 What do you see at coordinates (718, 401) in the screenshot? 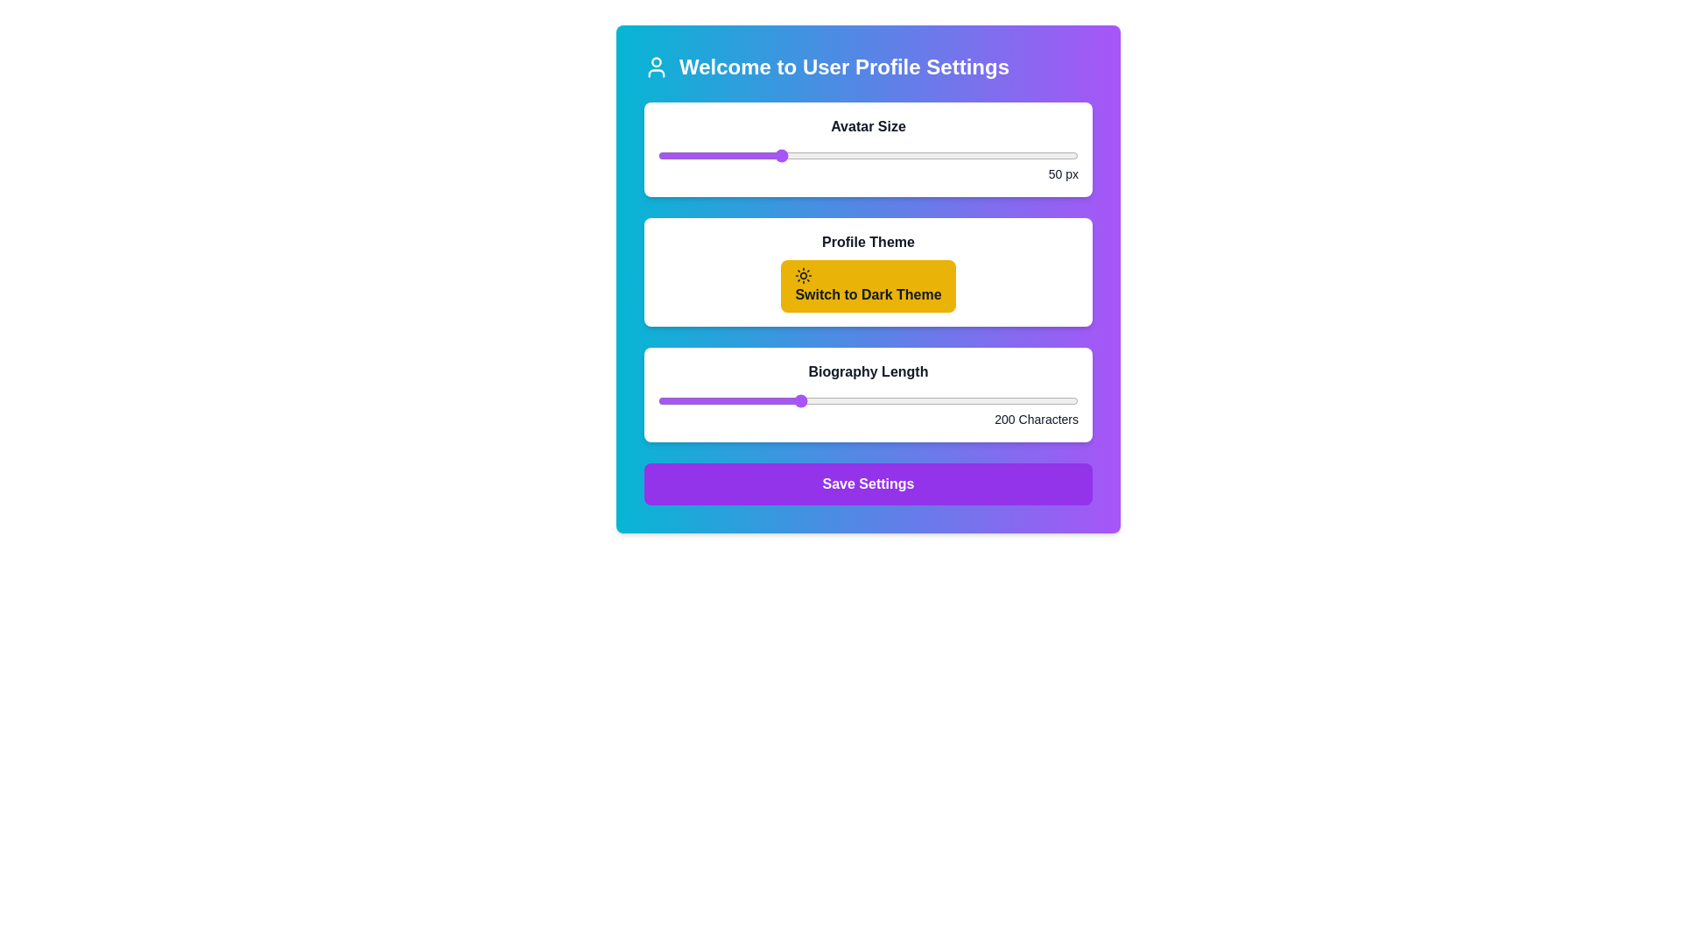
I see `the biography length` at bounding box center [718, 401].